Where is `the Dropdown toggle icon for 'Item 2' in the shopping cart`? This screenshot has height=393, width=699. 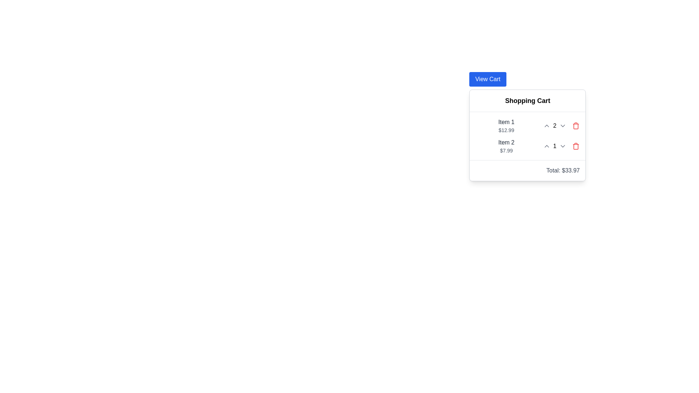
the Dropdown toggle icon for 'Item 2' in the shopping cart is located at coordinates (562, 146).